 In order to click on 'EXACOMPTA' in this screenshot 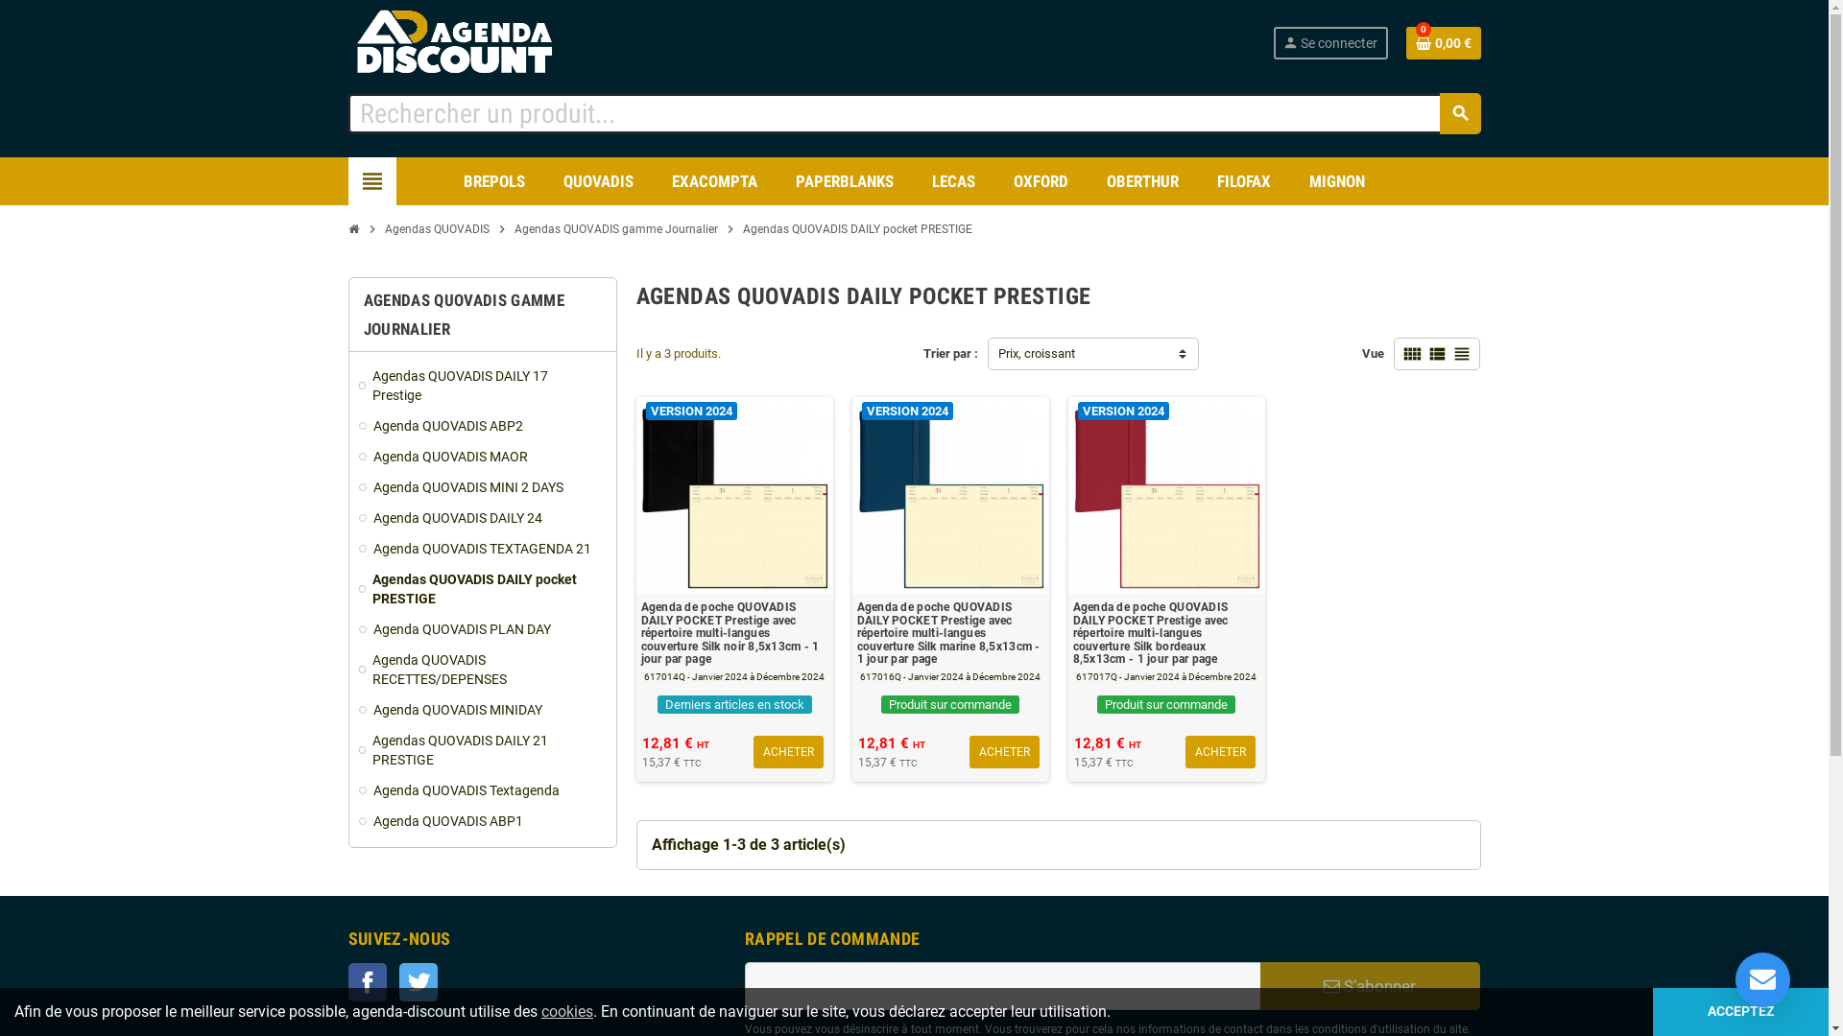, I will do `click(713, 181)`.